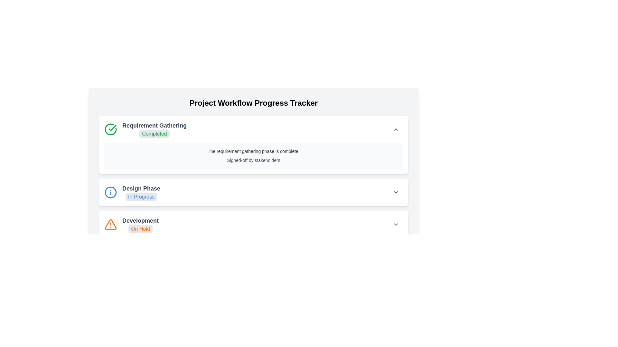 The image size is (618, 347). What do you see at coordinates (141, 196) in the screenshot?
I see `the 'In Progress' status badge located to the right of the 'Design Phase' label in the workflow steps` at bounding box center [141, 196].